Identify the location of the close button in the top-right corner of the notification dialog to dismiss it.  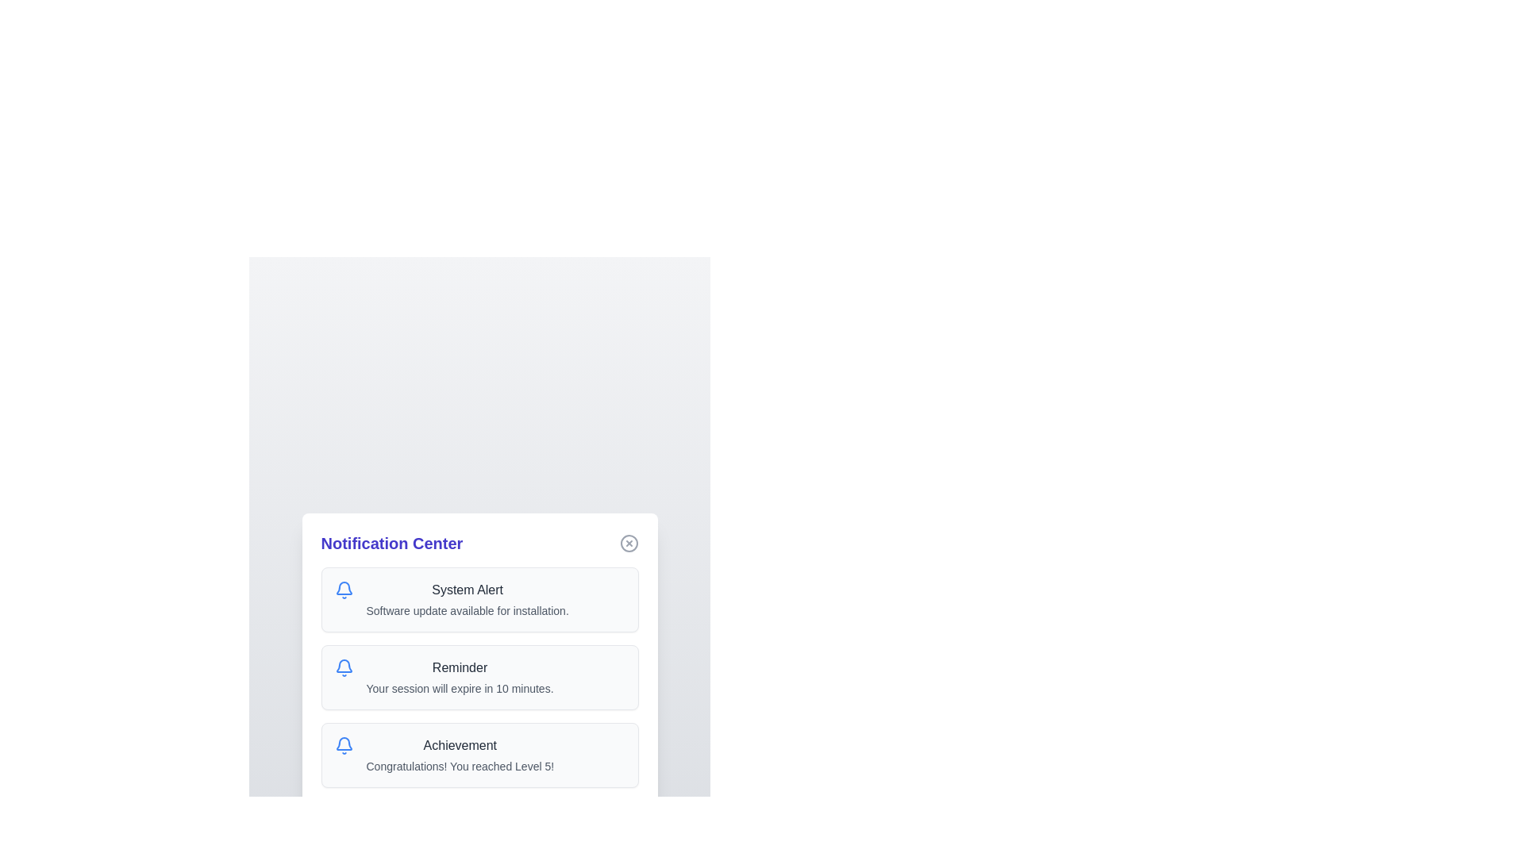
(628, 543).